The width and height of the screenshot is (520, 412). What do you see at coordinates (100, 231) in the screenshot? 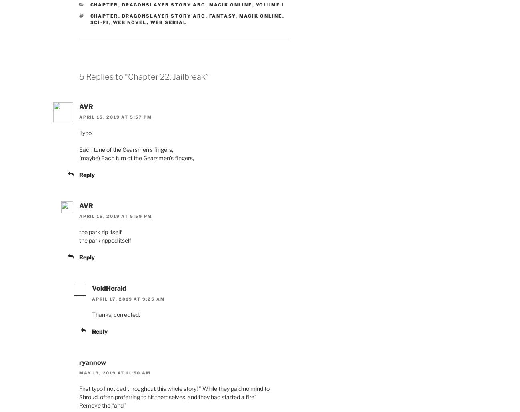
I see `'the park rip itself'` at bounding box center [100, 231].